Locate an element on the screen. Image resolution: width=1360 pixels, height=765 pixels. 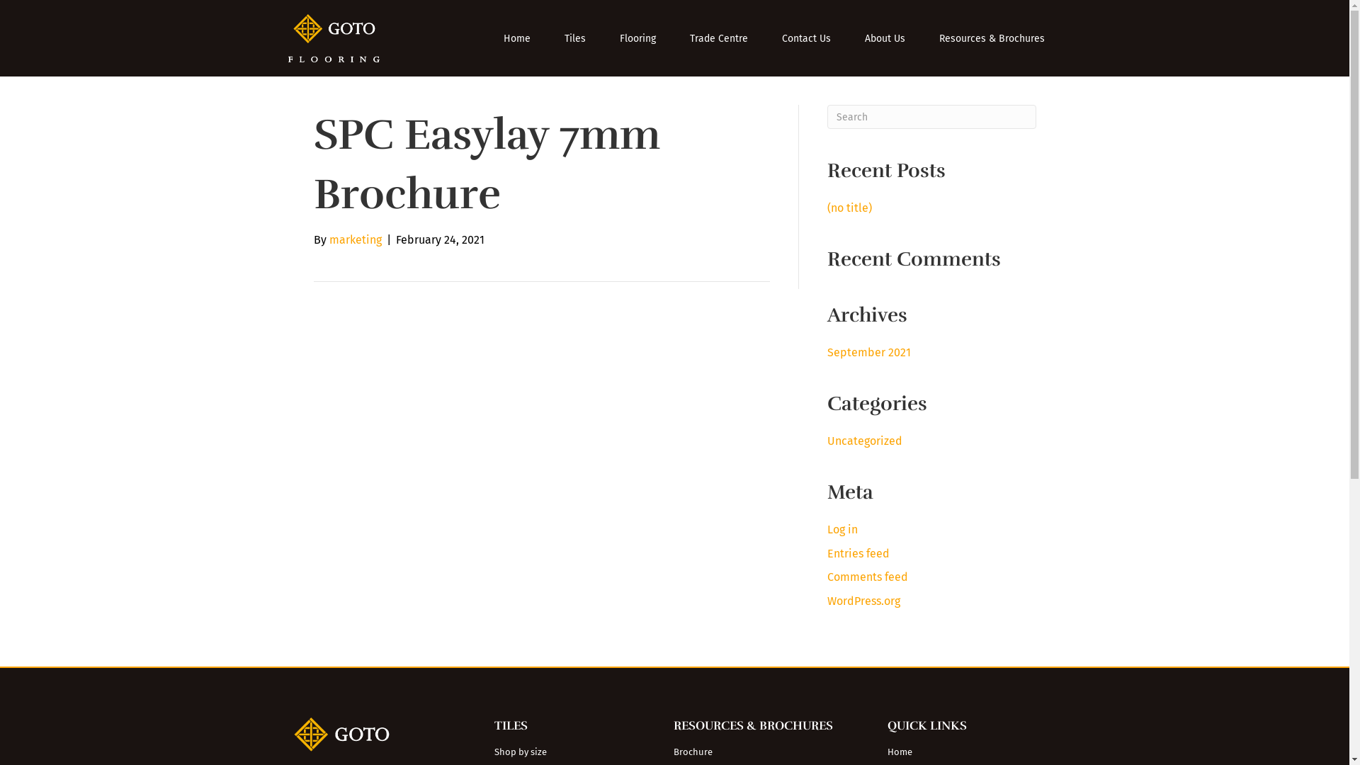
'Shop by size' is located at coordinates (570, 752).